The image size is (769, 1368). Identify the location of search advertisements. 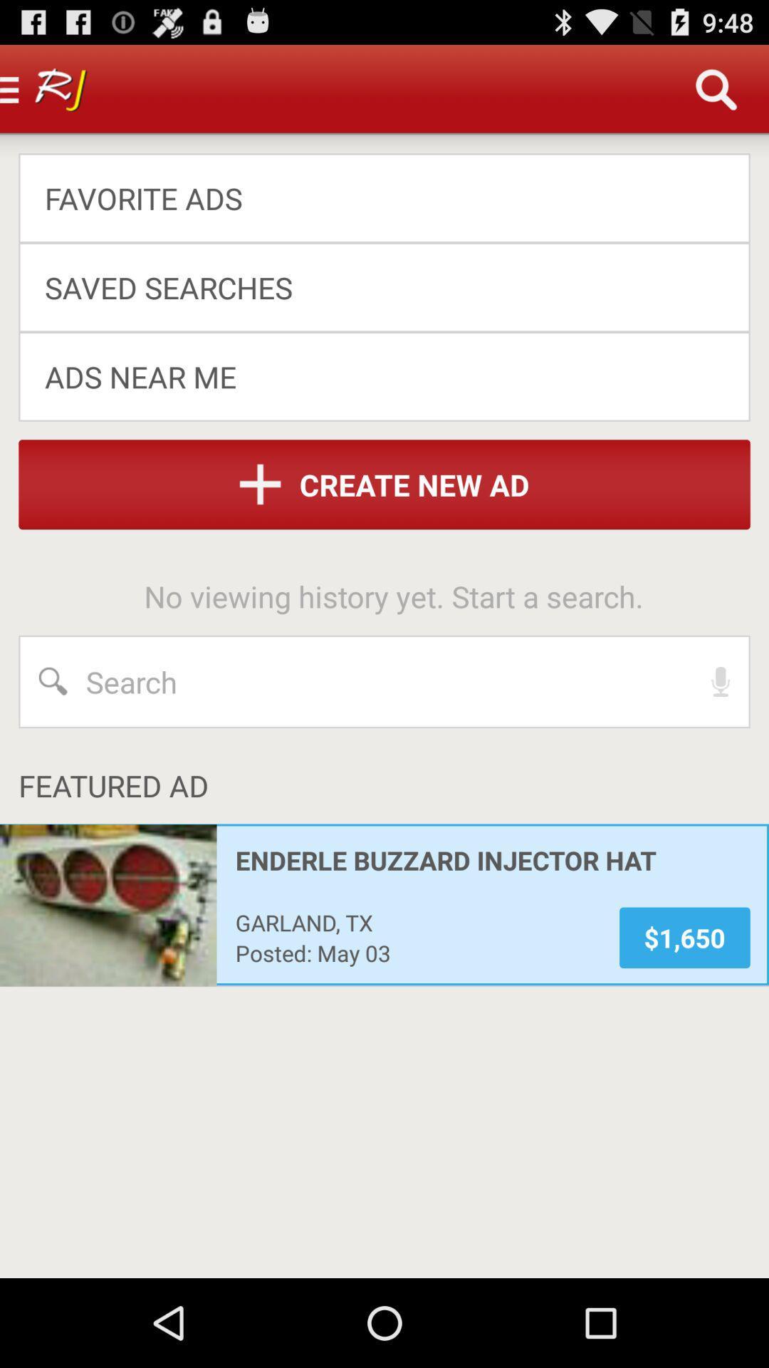
(384, 680).